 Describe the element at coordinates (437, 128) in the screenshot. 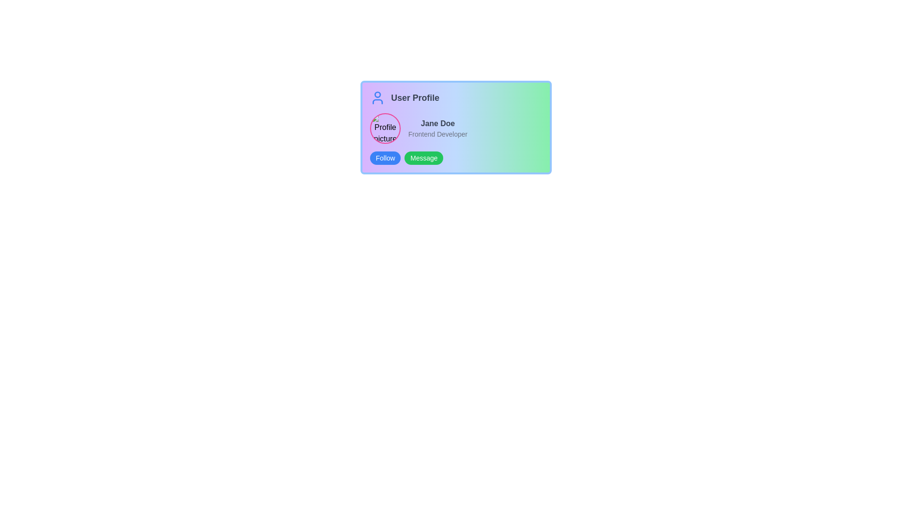

I see `information displayed in the text block containing the name 'Jane Doe' and the title 'Frontend Developer', which is right-aligned next to the profile image` at that location.